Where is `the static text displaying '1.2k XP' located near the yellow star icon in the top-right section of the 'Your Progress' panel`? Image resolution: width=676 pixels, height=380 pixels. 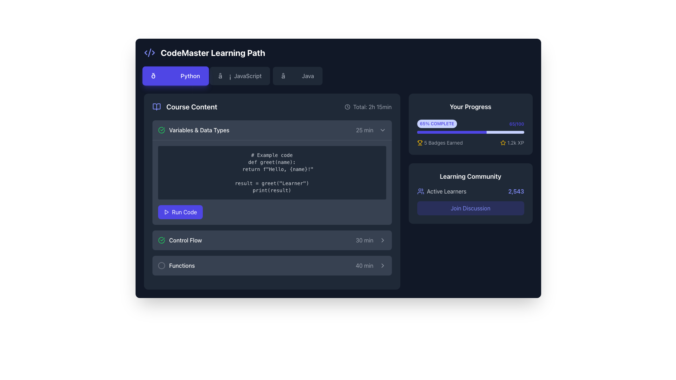
the static text displaying '1.2k XP' located near the yellow star icon in the top-right section of the 'Your Progress' panel is located at coordinates (515, 142).